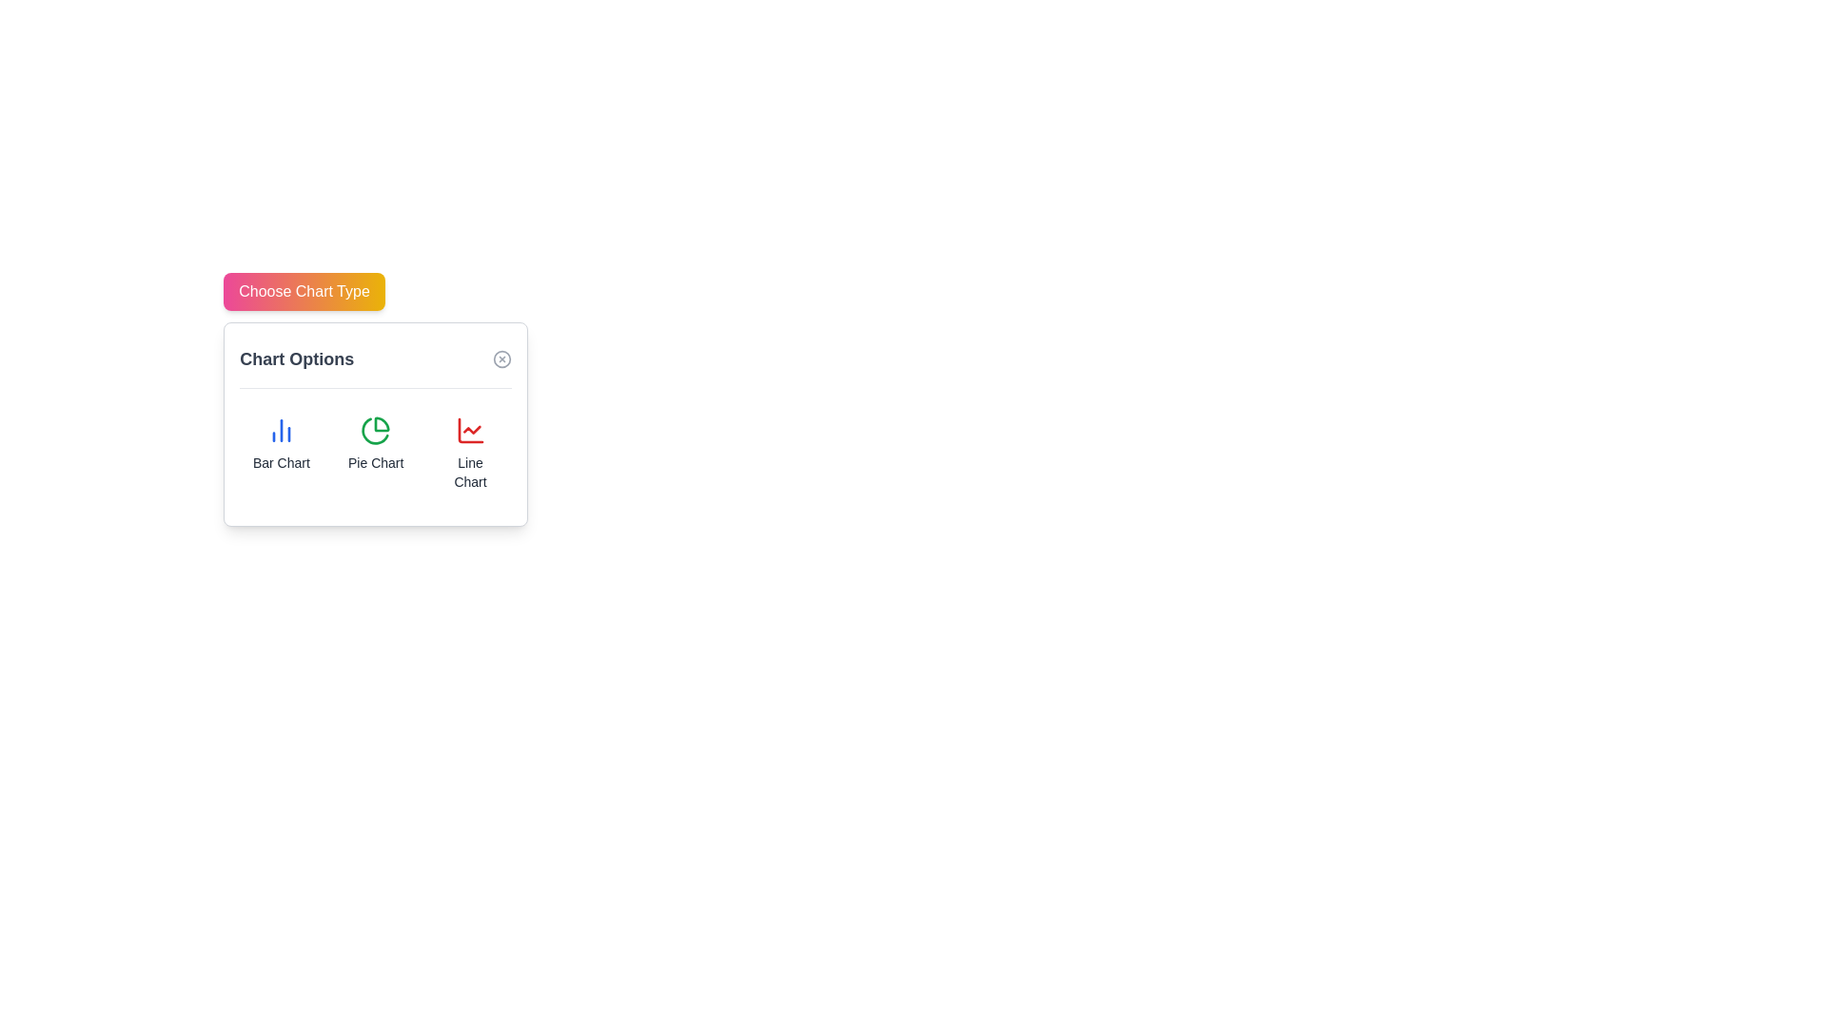  What do you see at coordinates (280, 462) in the screenshot?
I see `the text label that identifies the bar chart type, located directly below the bar chart icon in the grid of chart options` at bounding box center [280, 462].